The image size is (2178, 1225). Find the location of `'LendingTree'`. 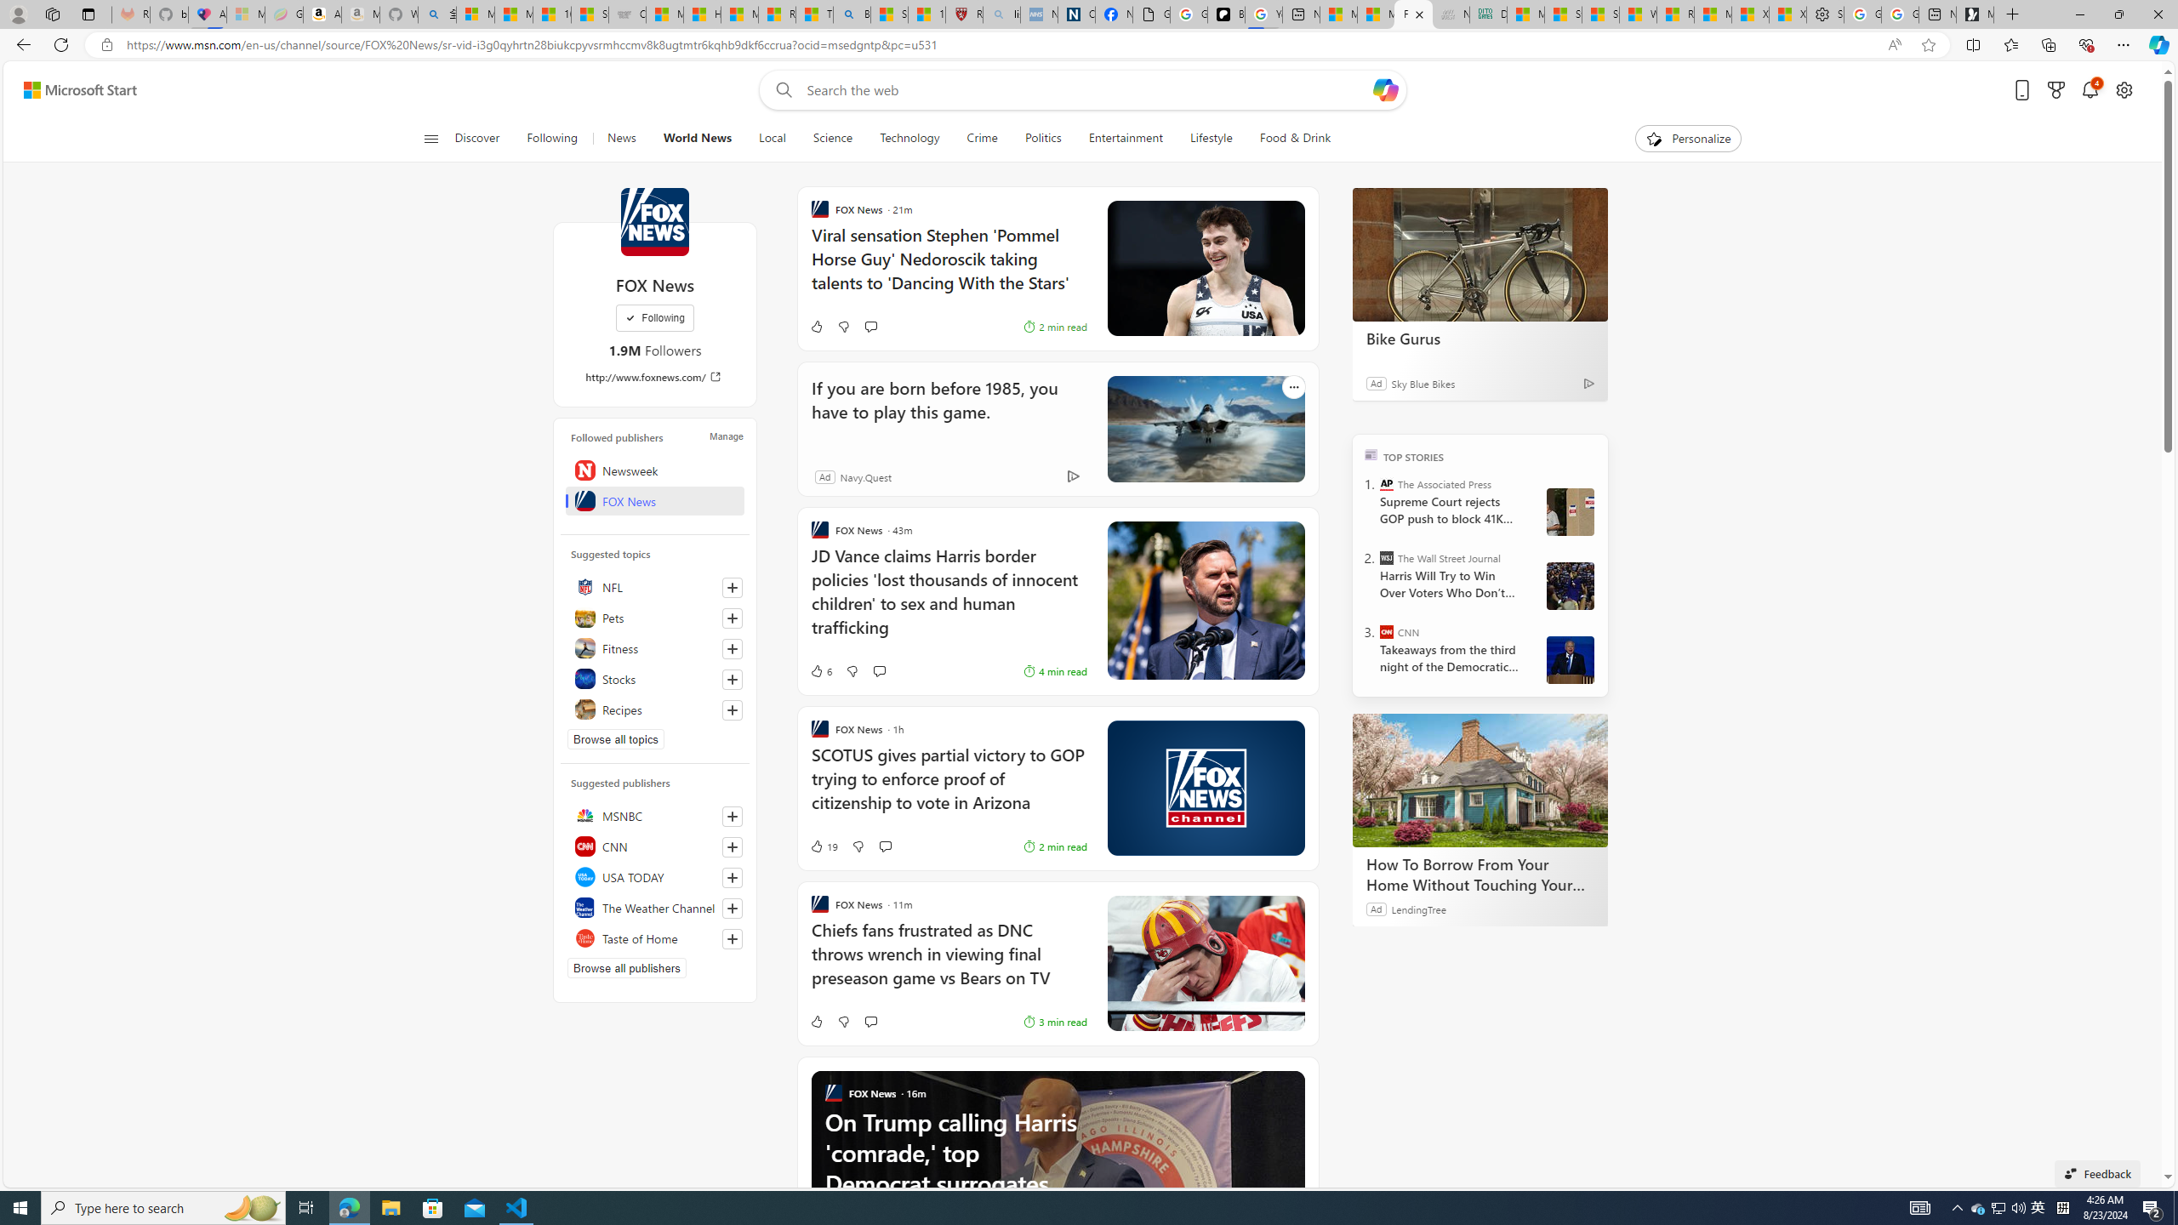

'LendingTree' is located at coordinates (1418, 909).